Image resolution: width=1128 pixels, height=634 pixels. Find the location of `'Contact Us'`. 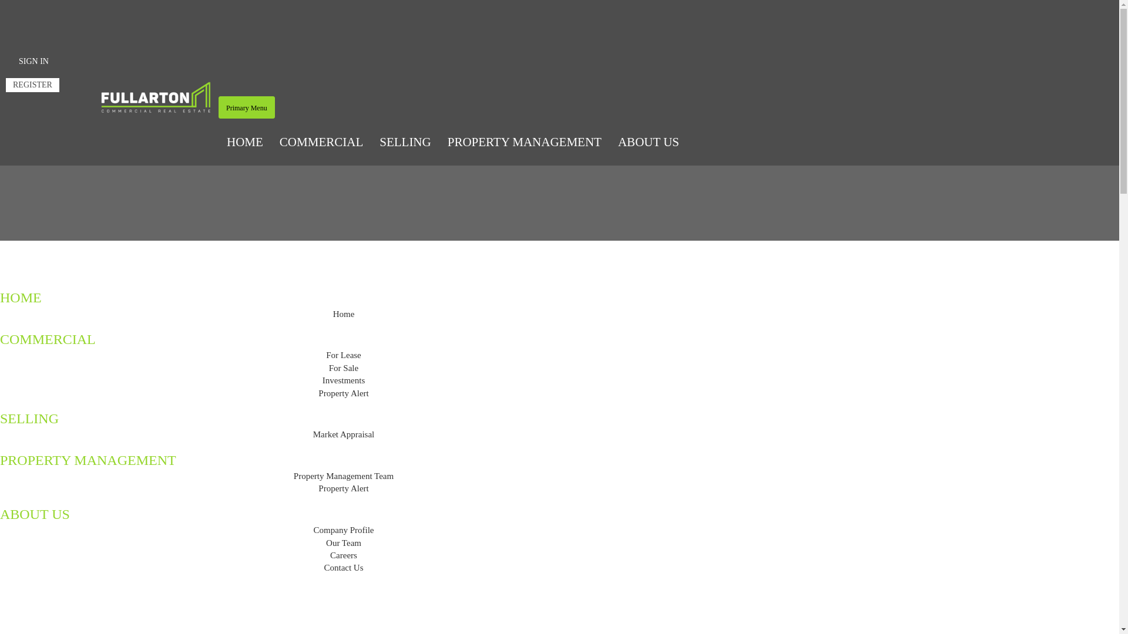

'Contact Us' is located at coordinates (343, 567).